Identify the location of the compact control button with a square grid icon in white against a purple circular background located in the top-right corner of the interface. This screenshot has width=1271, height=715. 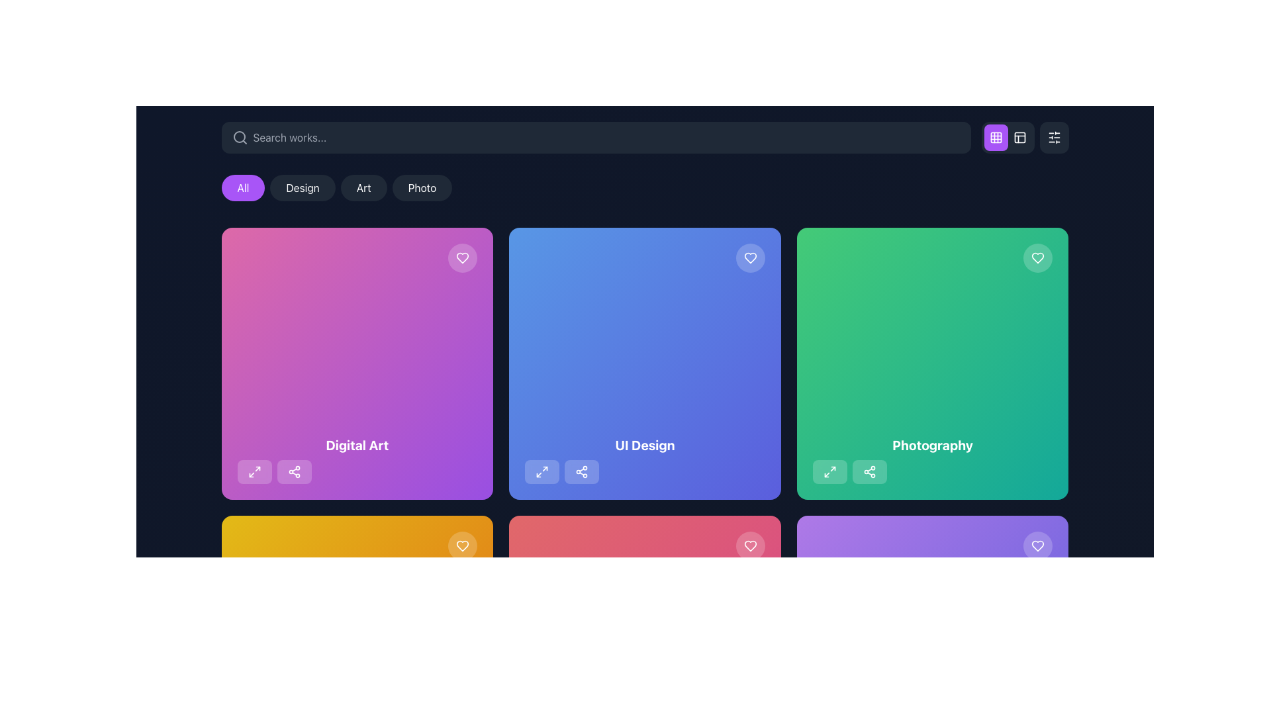
(1024, 138).